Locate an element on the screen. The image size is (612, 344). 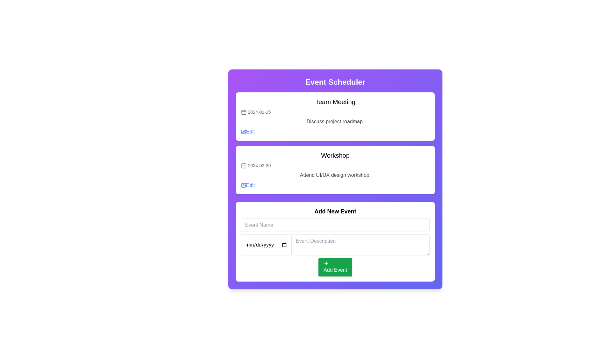
the 'Add New Event' button is located at coordinates (335, 267).